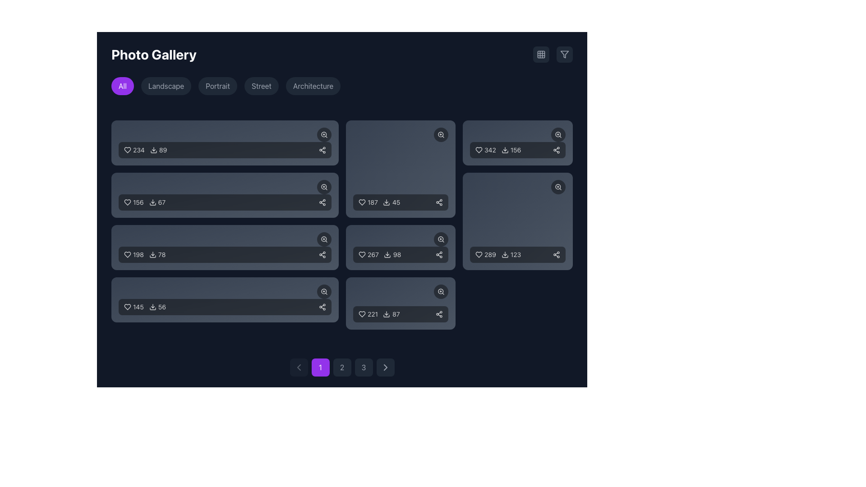 The height and width of the screenshot is (487, 866). Describe the element at coordinates (379, 254) in the screenshot. I see `the informational display component that shows metrics like likes and downloads` at that location.